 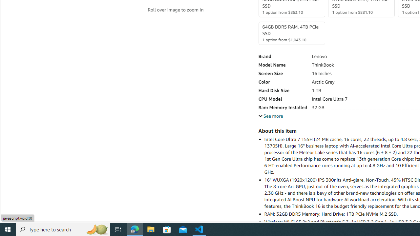 What do you see at coordinates (291, 33) in the screenshot?
I see `'64GB DDR5 RAM, 4TB PCIe SSD 1 option from $1,043.10'` at bounding box center [291, 33].